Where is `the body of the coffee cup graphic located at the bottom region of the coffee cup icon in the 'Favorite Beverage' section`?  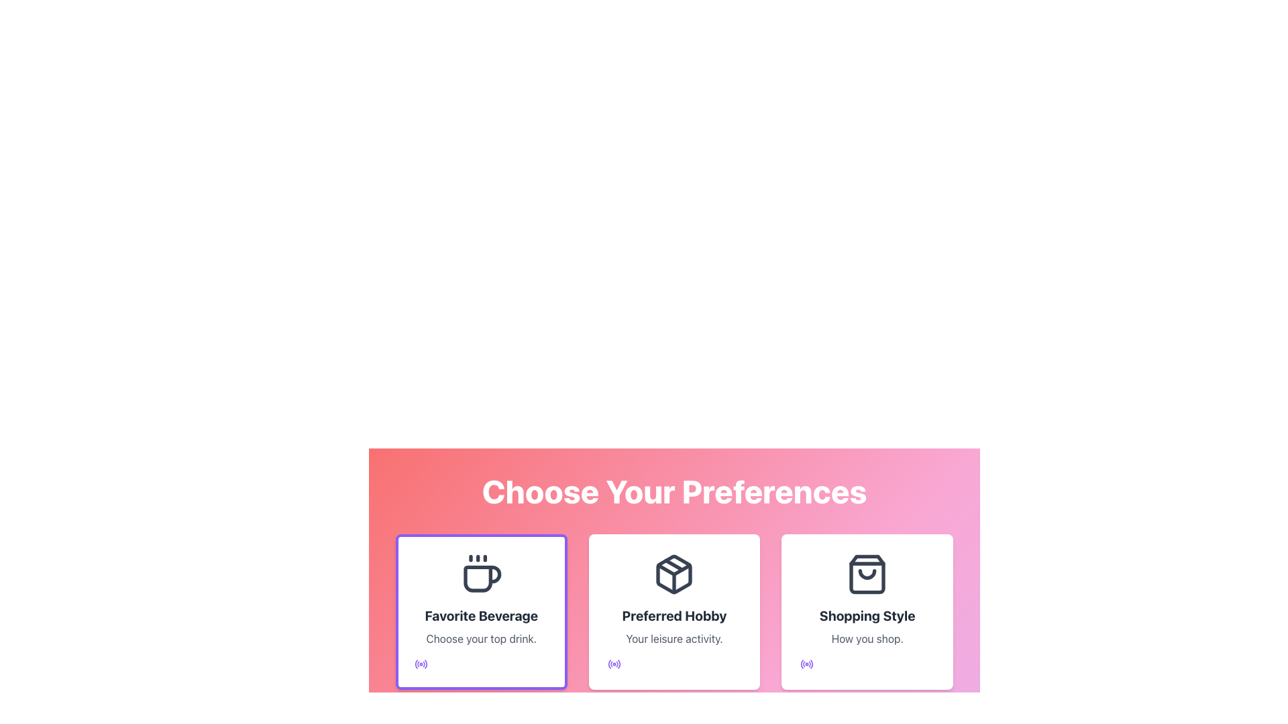 the body of the coffee cup graphic located at the bottom region of the coffee cup icon in the 'Favorite Beverage' section is located at coordinates (482, 578).